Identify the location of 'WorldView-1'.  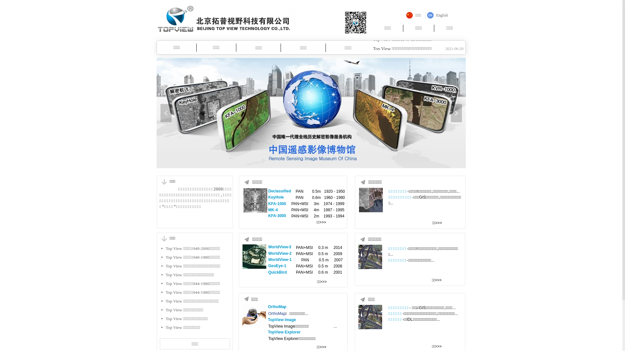
(267, 259).